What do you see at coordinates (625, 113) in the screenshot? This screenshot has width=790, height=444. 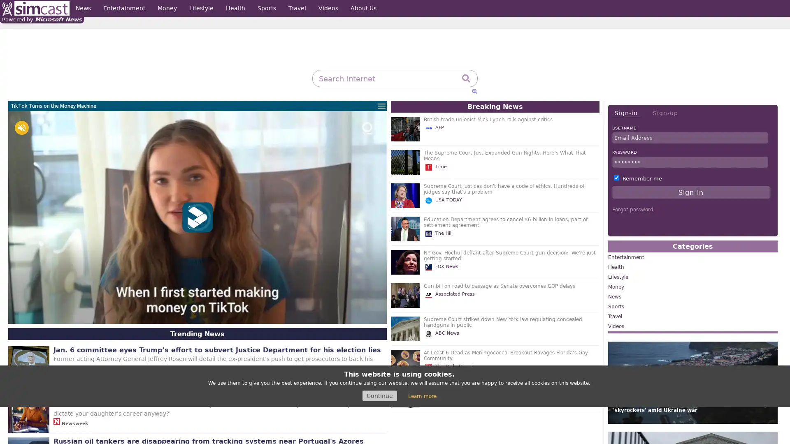 I see `Sign-in` at bounding box center [625, 113].